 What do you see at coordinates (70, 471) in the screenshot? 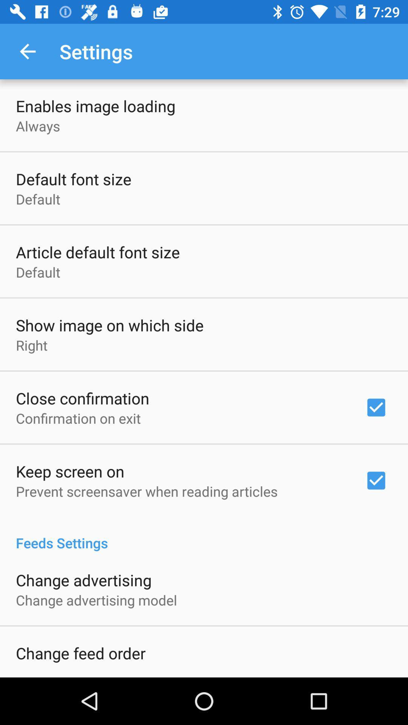
I see `item above the prevent screensaver when item` at bounding box center [70, 471].